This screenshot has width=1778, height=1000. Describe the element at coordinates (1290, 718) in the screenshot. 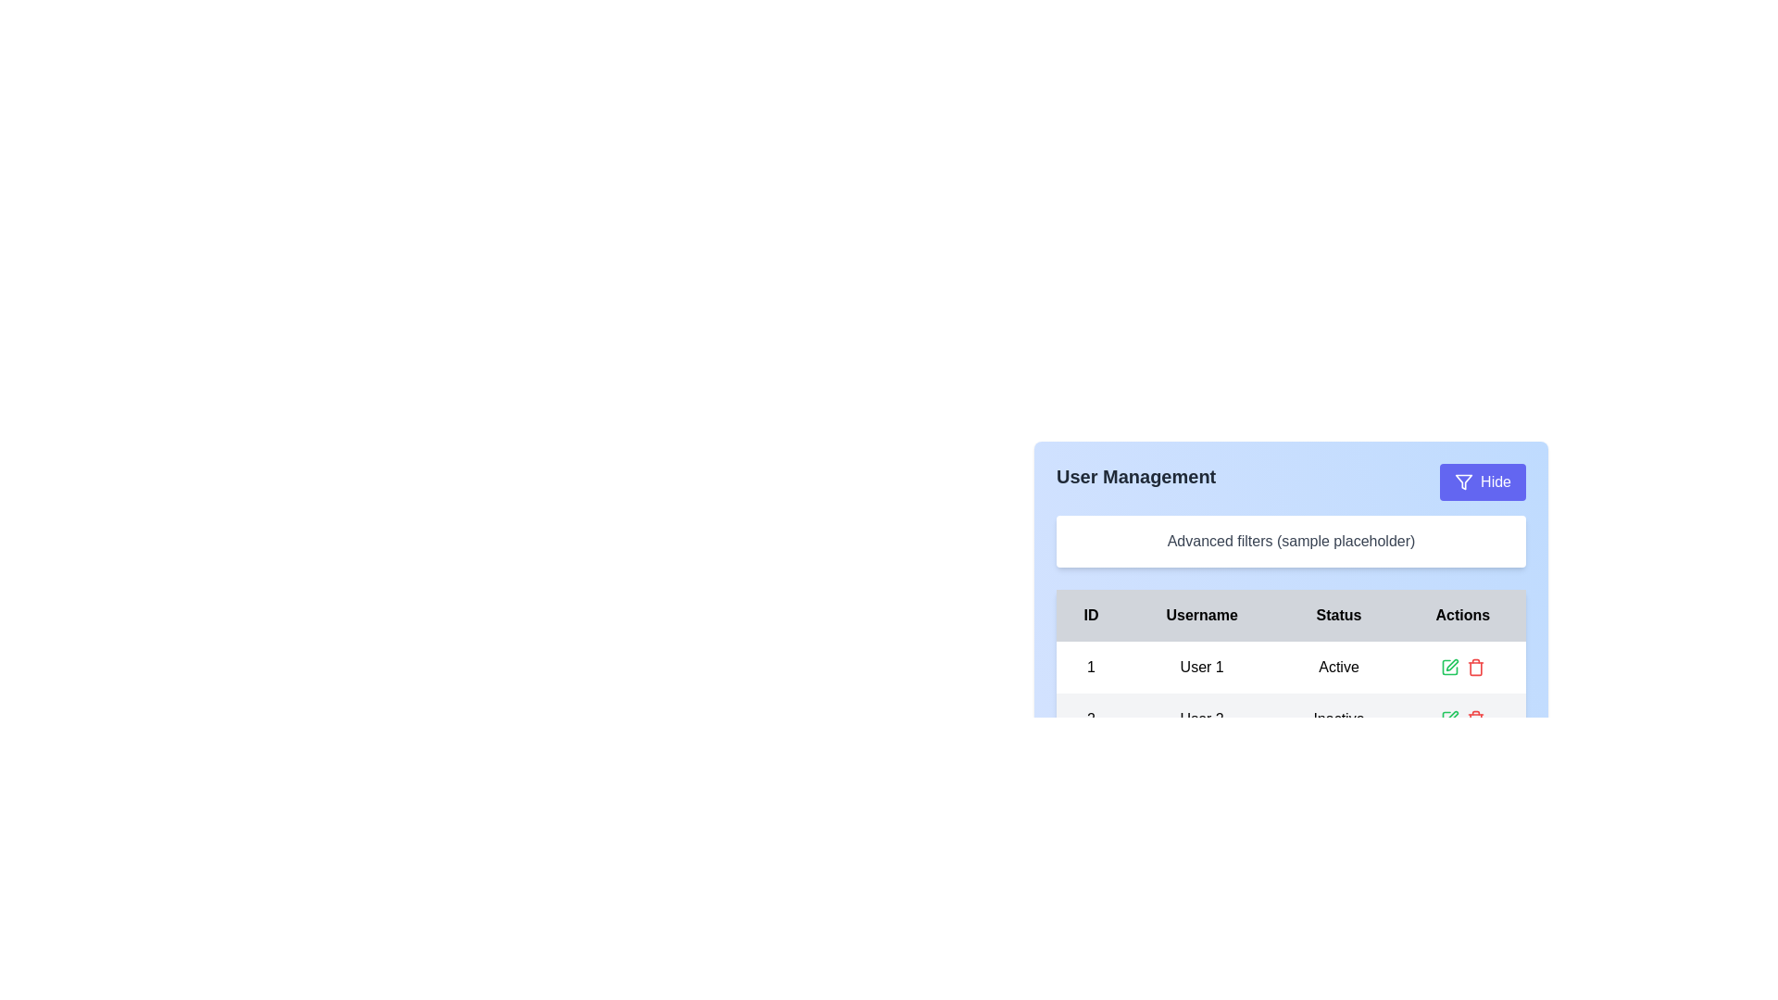

I see `the Username column of the Table Row element, which contains the value 'User 2'` at that location.